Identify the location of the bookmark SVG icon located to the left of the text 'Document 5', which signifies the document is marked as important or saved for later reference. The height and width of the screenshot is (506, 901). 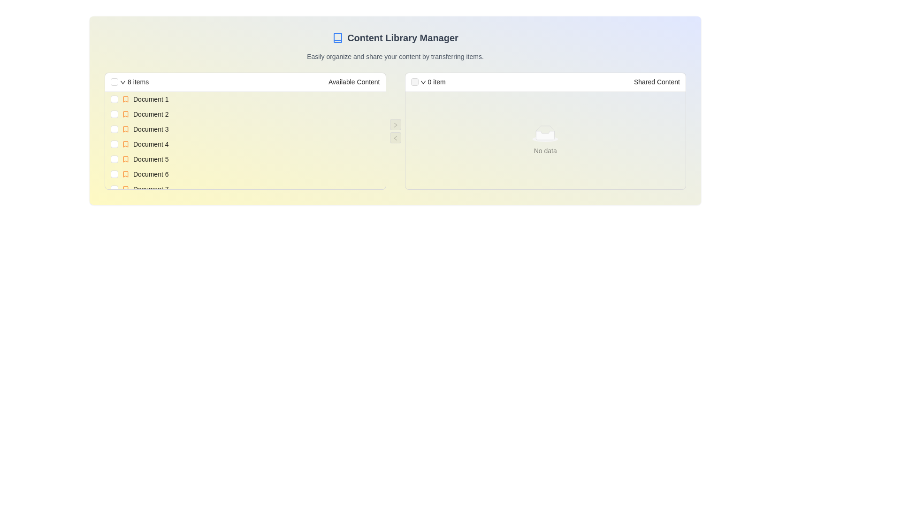
(125, 158).